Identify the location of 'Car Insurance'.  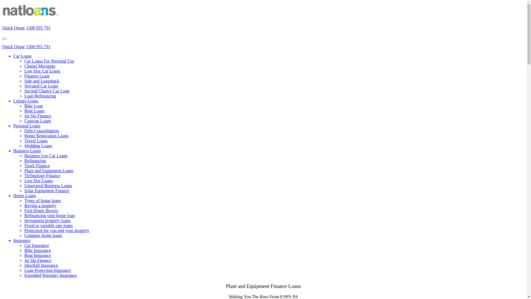
(24, 245).